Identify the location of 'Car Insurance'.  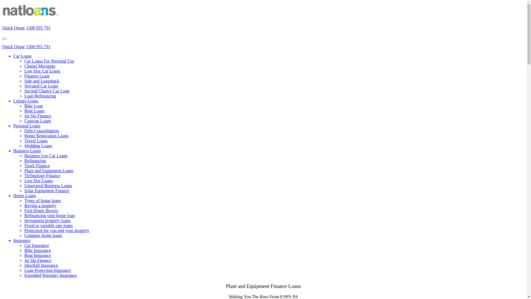
(24, 245).